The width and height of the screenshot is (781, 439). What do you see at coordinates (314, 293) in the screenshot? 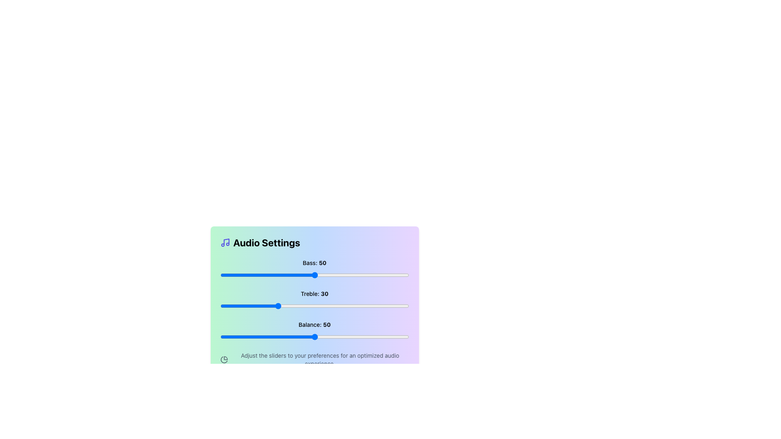
I see `the 'Treble' text label which indicates the current value of '30', positioned between the 'Bass: 50' label above and 'Balance: 50' label below` at bounding box center [314, 293].